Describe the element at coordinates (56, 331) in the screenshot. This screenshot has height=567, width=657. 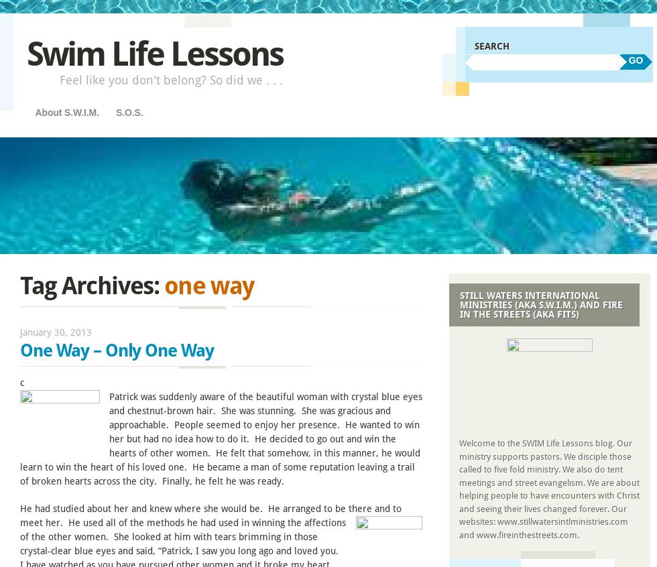
I see `'January 30, 2013'` at that location.